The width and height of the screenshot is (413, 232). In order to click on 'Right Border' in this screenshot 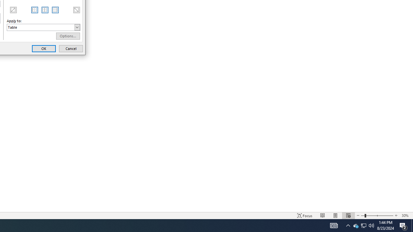, I will do `click(55, 10)`.